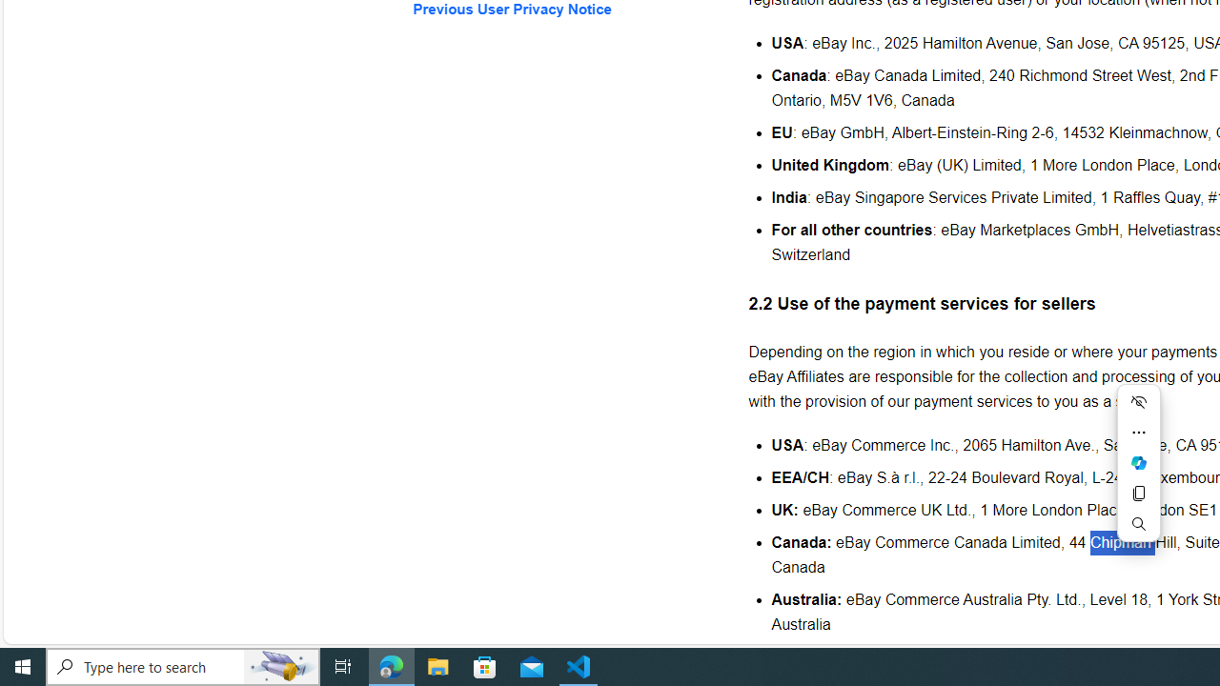  Describe the element at coordinates (1138, 400) in the screenshot. I see `'Hide menu'` at that location.